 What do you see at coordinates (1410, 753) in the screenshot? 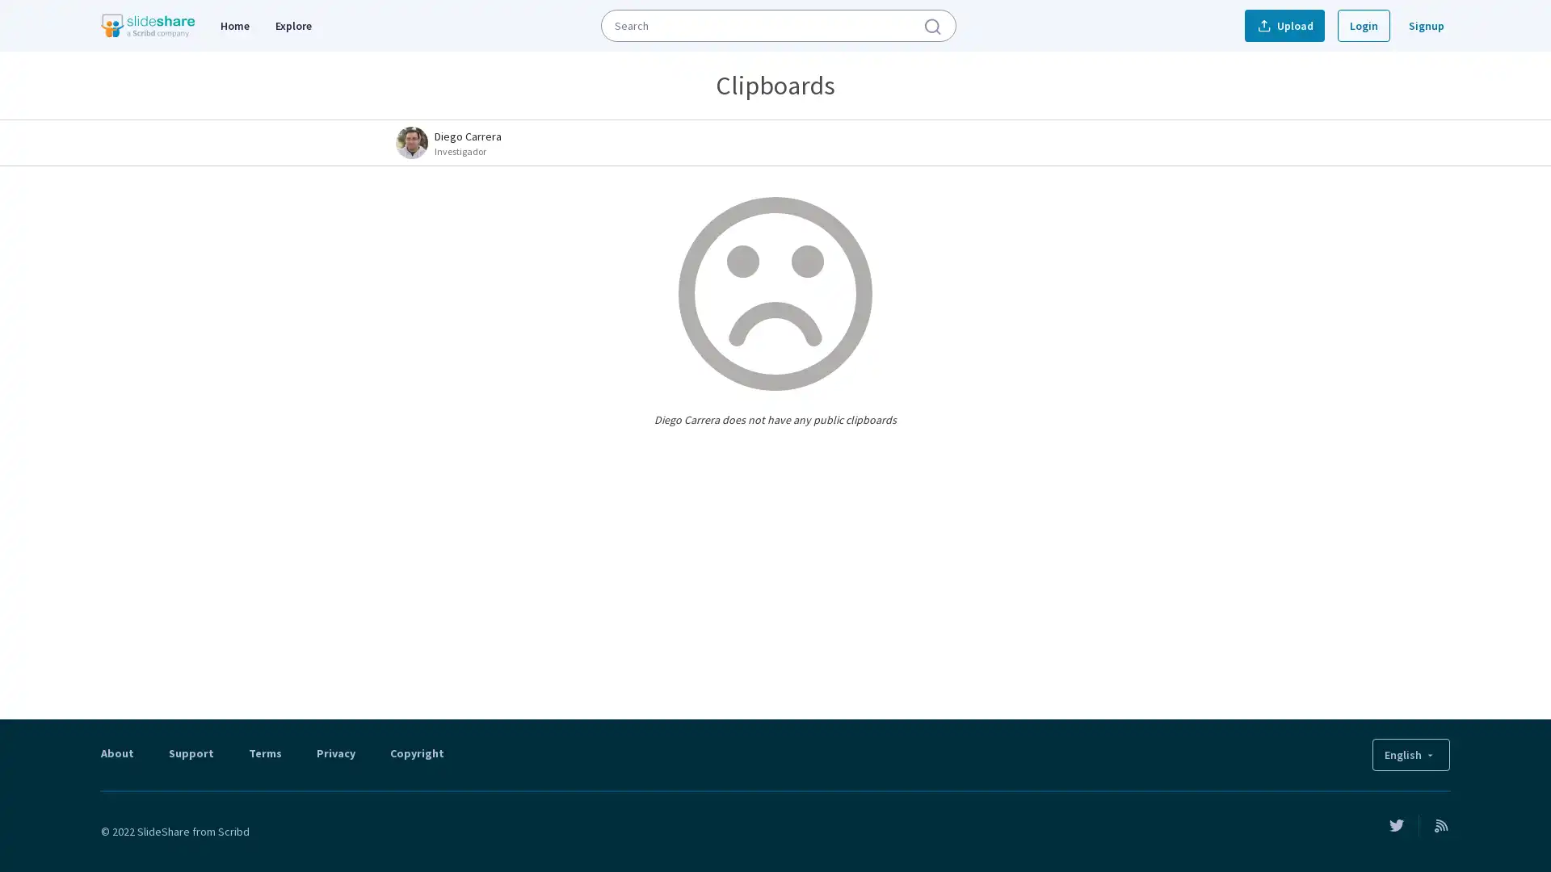
I see `English` at bounding box center [1410, 753].